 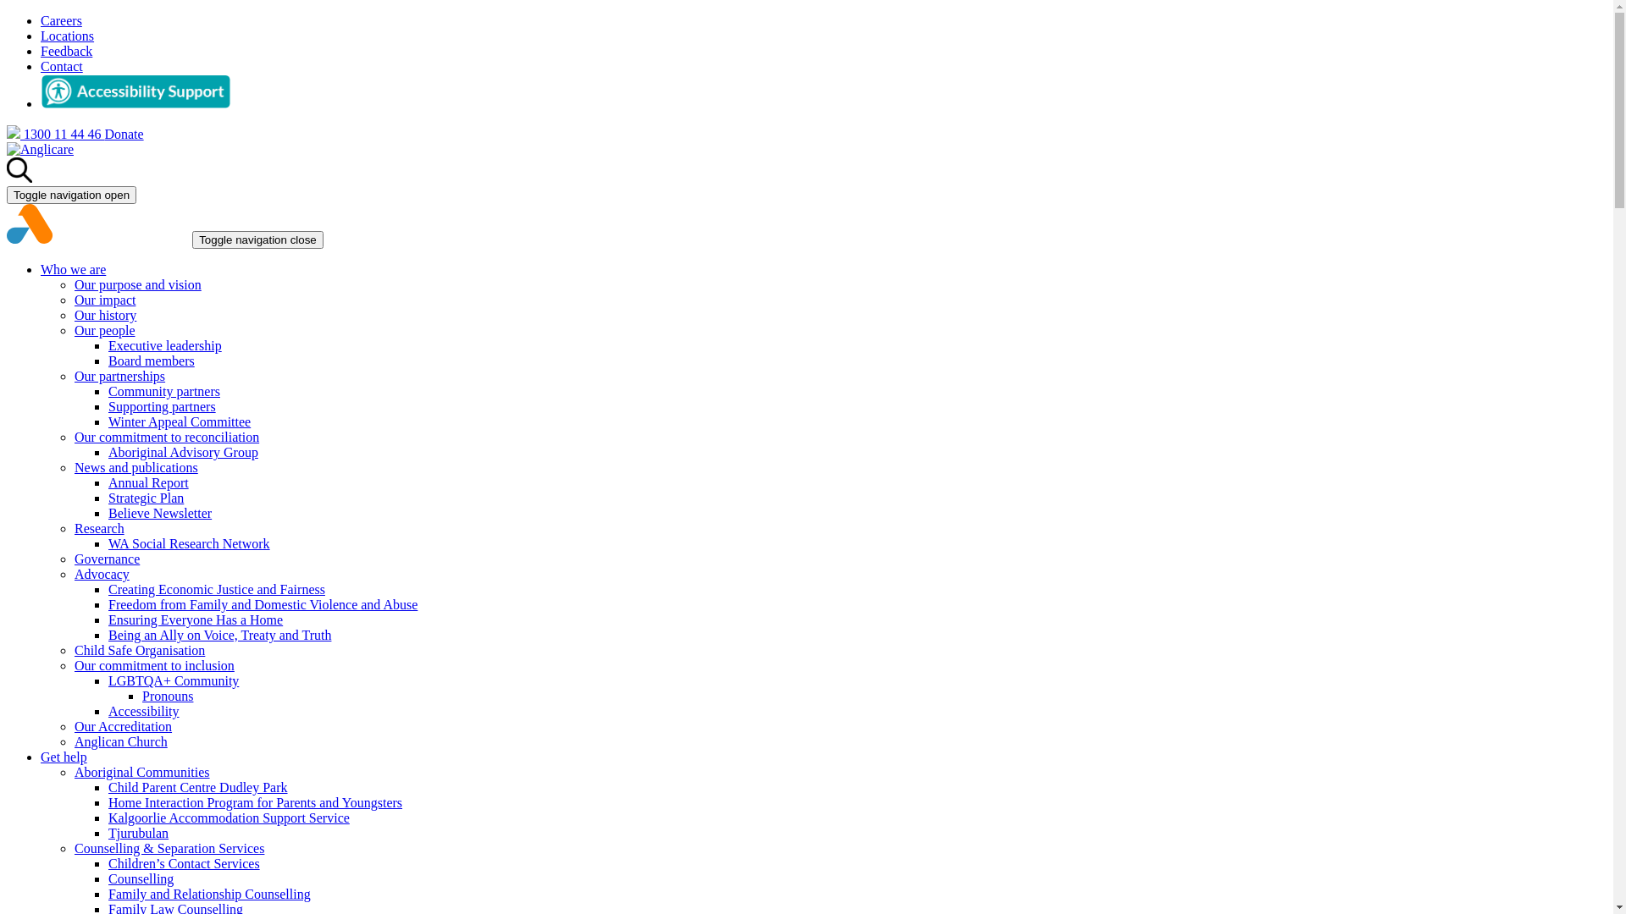 What do you see at coordinates (104, 315) in the screenshot?
I see `'Our history'` at bounding box center [104, 315].